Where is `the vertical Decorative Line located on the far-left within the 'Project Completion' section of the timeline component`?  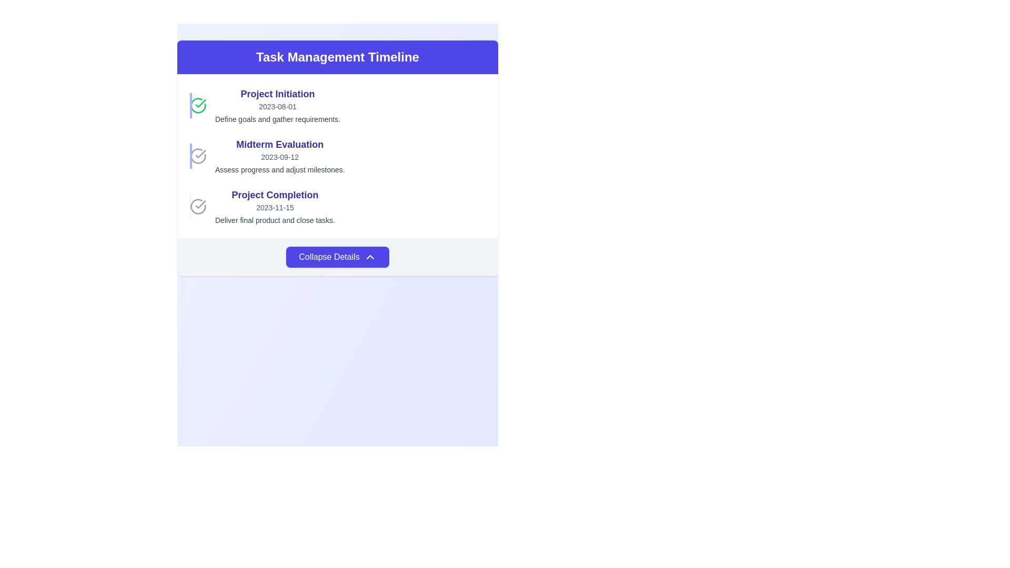
the vertical Decorative Line located on the far-left within the 'Project Completion' section of the timeline component is located at coordinates (190, 207).